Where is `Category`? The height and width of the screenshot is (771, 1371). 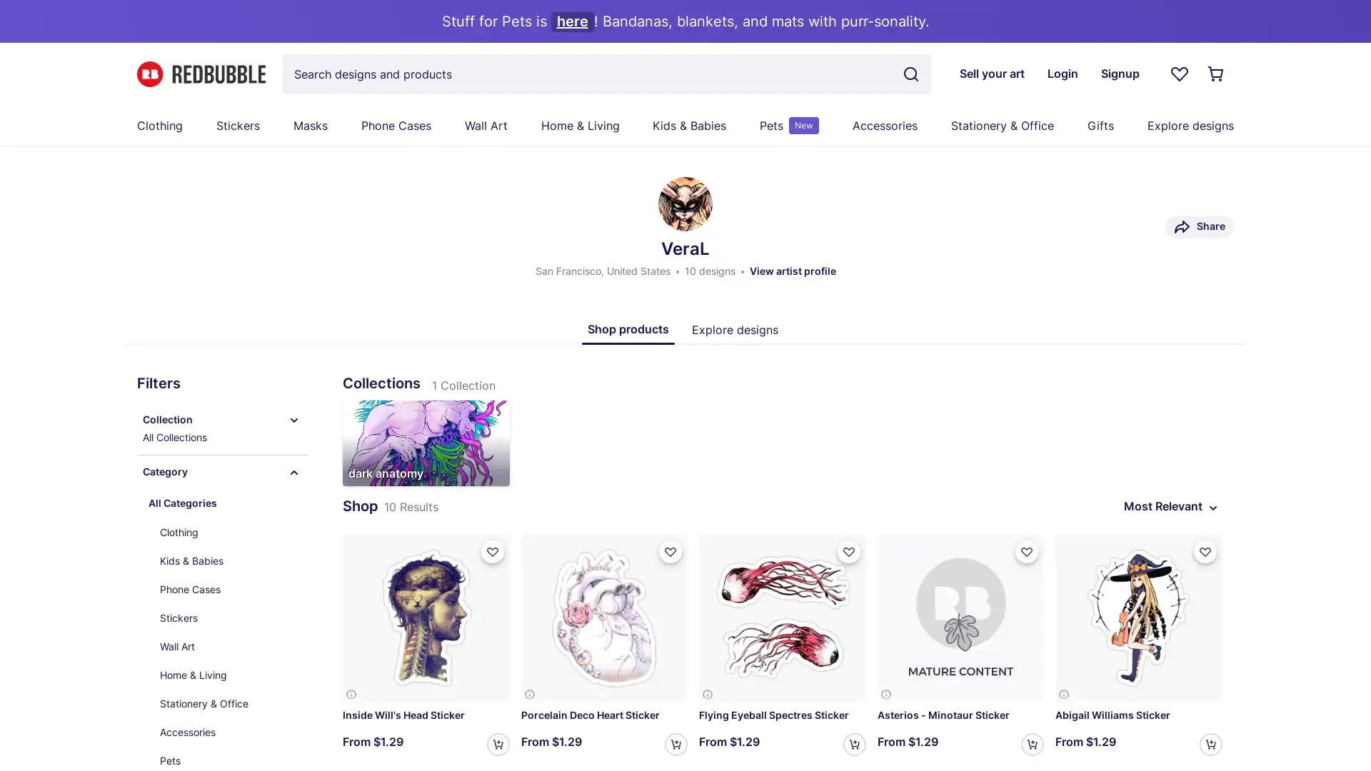 Category is located at coordinates (222, 473).